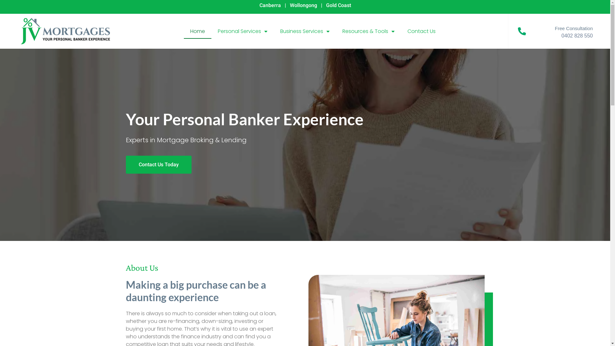  I want to click on 'Resources & Tools', so click(368, 31).